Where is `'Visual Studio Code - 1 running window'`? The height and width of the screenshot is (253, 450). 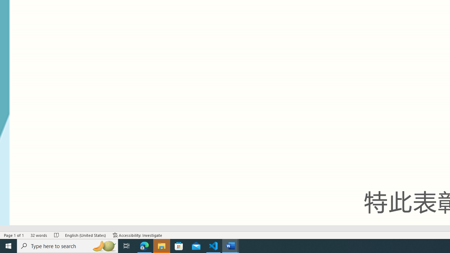
'Visual Studio Code - 1 running window' is located at coordinates (213, 245).